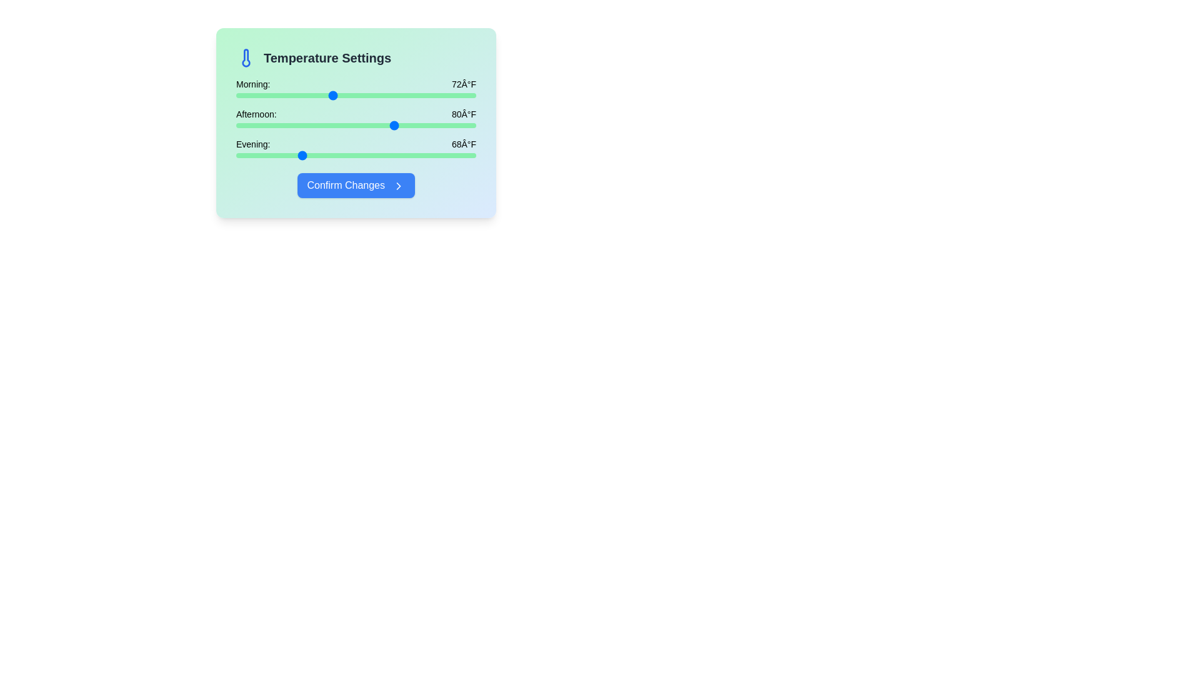  Describe the element at coordinates (291, 155) in the screenshot. I see `the evening temperature slider to 67°F` at that location.